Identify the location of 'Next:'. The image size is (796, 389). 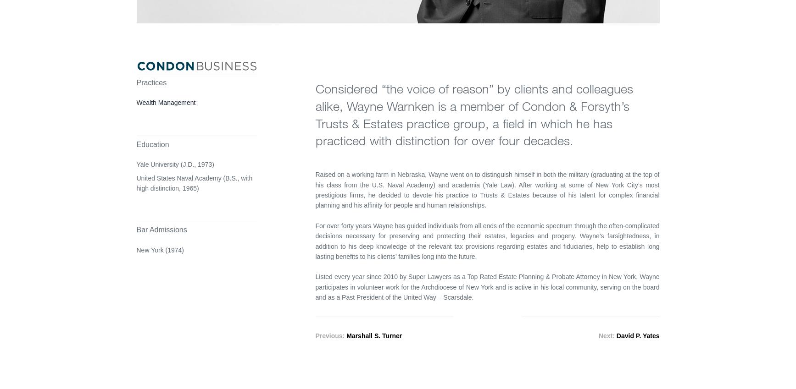
(607, 335).